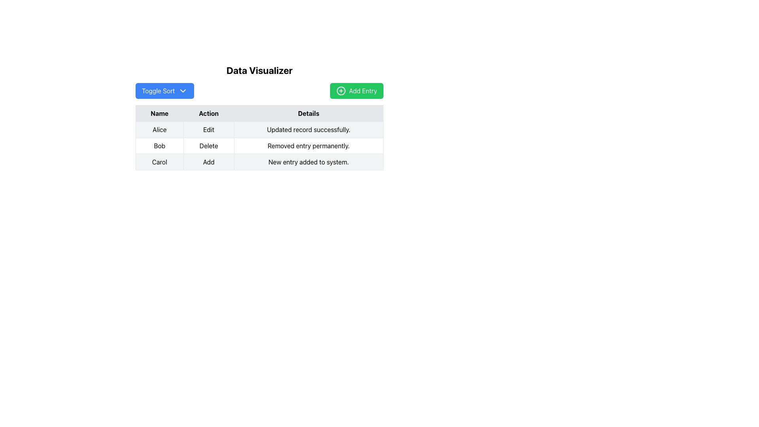  Describe the element at coordinates (182, 91) in the screenshot. I see `the icon located on the right side of the 'Toggle Sort' button` at that location.